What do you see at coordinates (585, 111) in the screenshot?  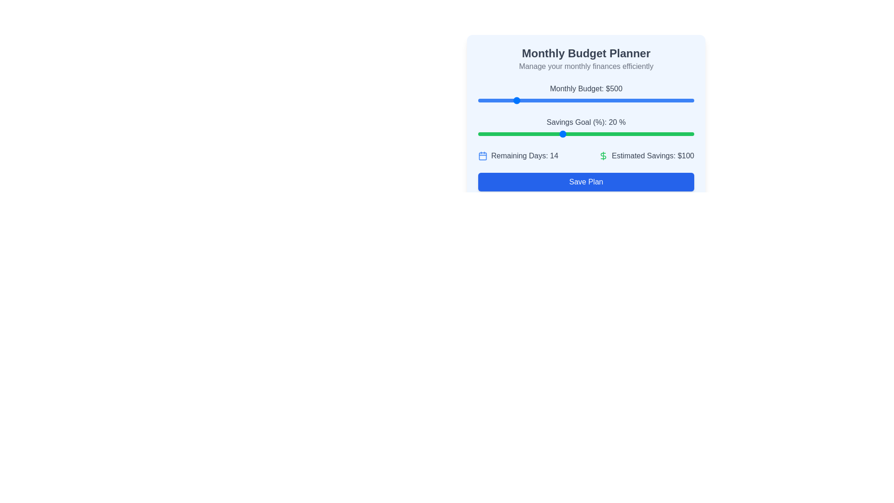 I see `the values displayed in the labels 'Monthly Budget: $500' and 'Savings Goal (%): 20 %' located above the blue and green sliders respectively` at bounding box center [585, 111].